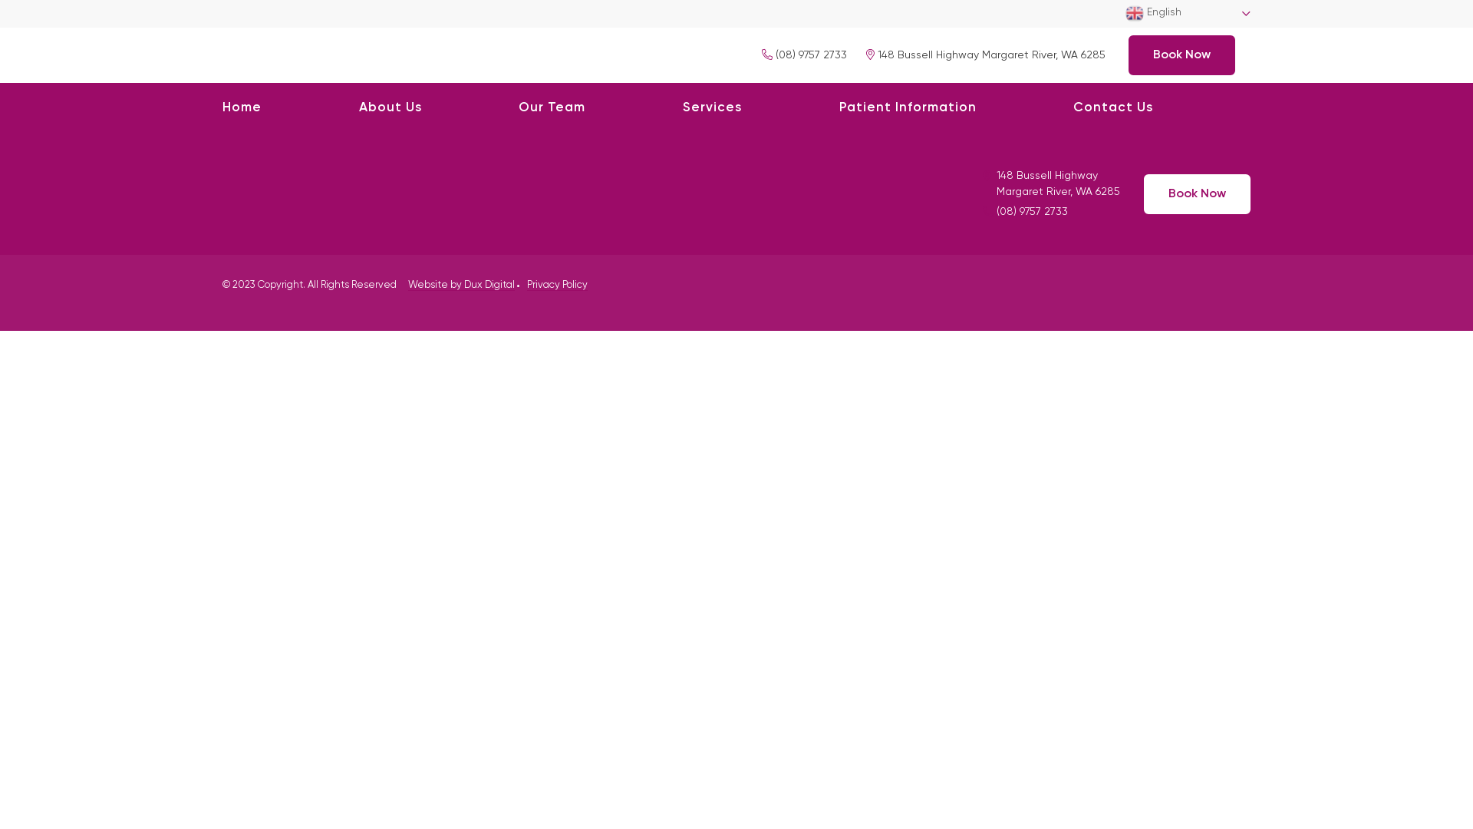 The width and height of the screenshot is (1473, 829). What do you see at coordinates (241, 107) in the screenshot?
I see `'Home'` at bounding box center [241, 107].